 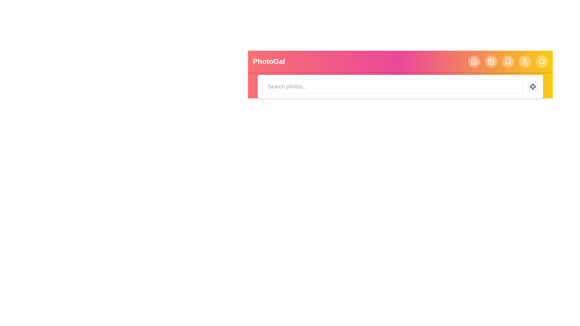 What do you see at coordinates (524, 62) in the screenshot?
I see `the header element corresponding to User` at bounding box center [524, 62].